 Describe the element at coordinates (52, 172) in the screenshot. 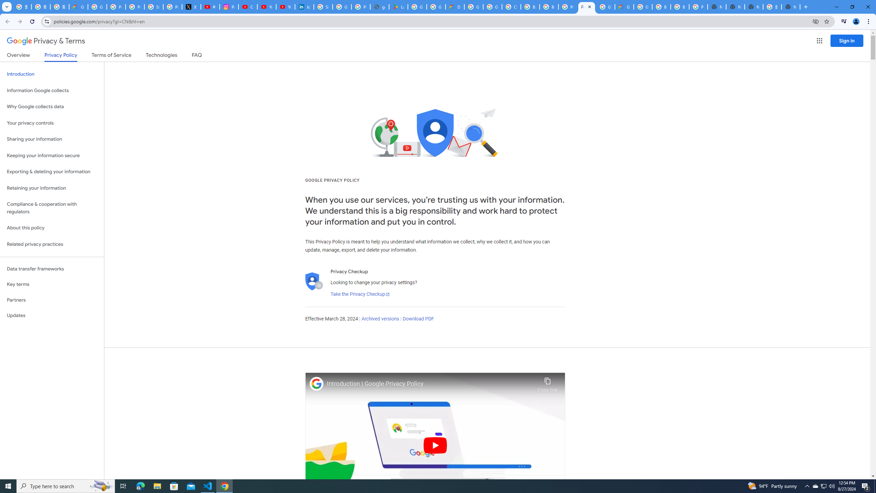

I see `'Exporting & deleting your information'` at that location.